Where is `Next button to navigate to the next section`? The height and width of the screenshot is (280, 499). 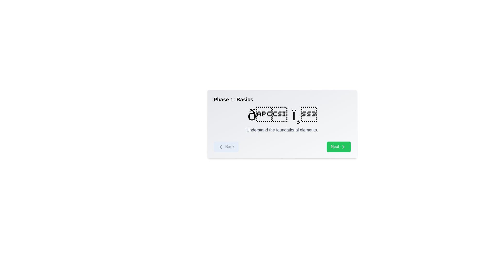
Next button to navigate to the next section is located at coordinates (338, 147).